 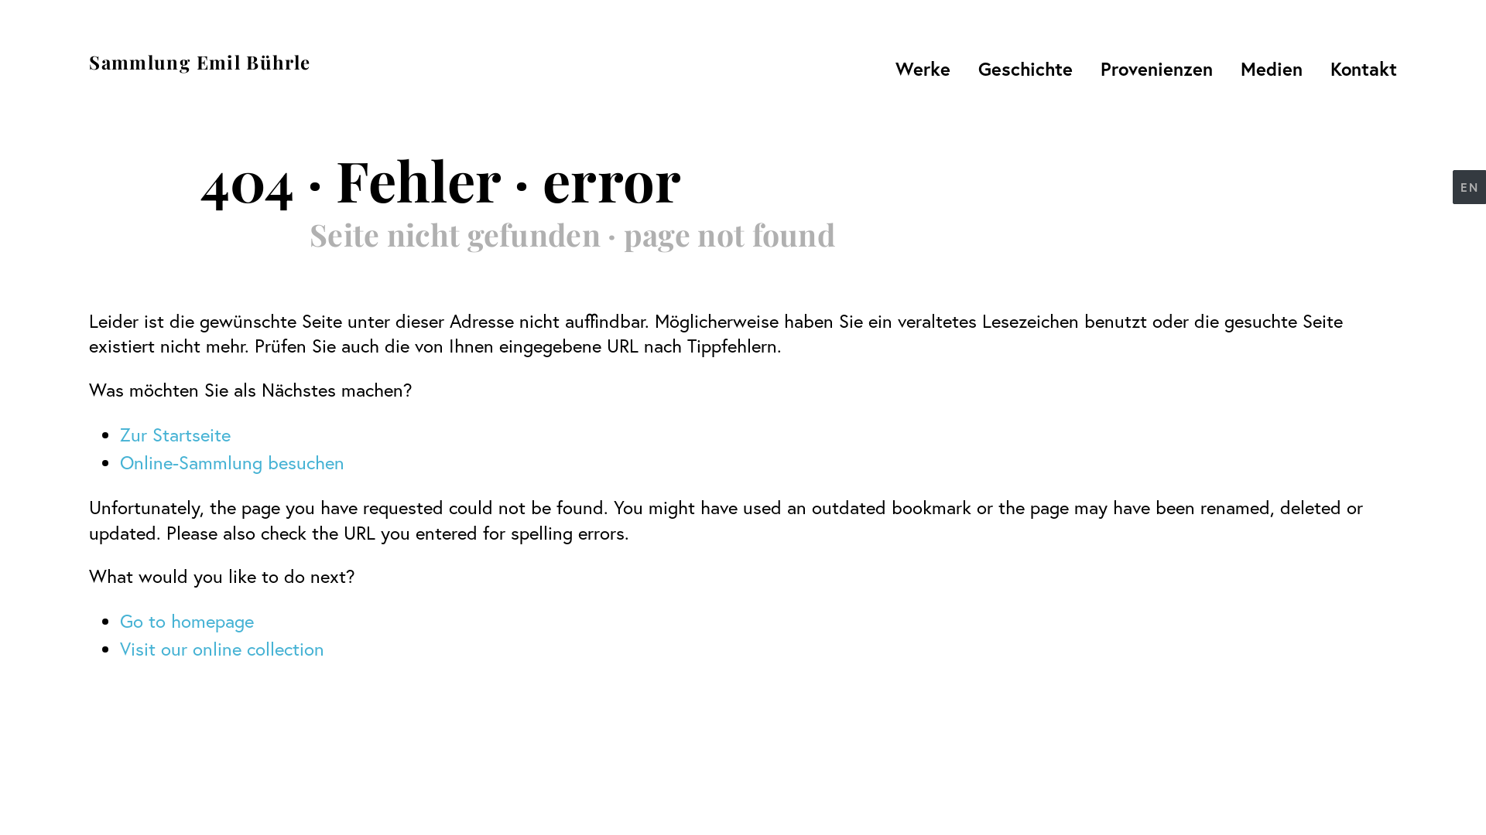 What do you see at coordinates (1271, 67) in the screenshot?
I see `'Medien'` at bounding box center [1271, 67].